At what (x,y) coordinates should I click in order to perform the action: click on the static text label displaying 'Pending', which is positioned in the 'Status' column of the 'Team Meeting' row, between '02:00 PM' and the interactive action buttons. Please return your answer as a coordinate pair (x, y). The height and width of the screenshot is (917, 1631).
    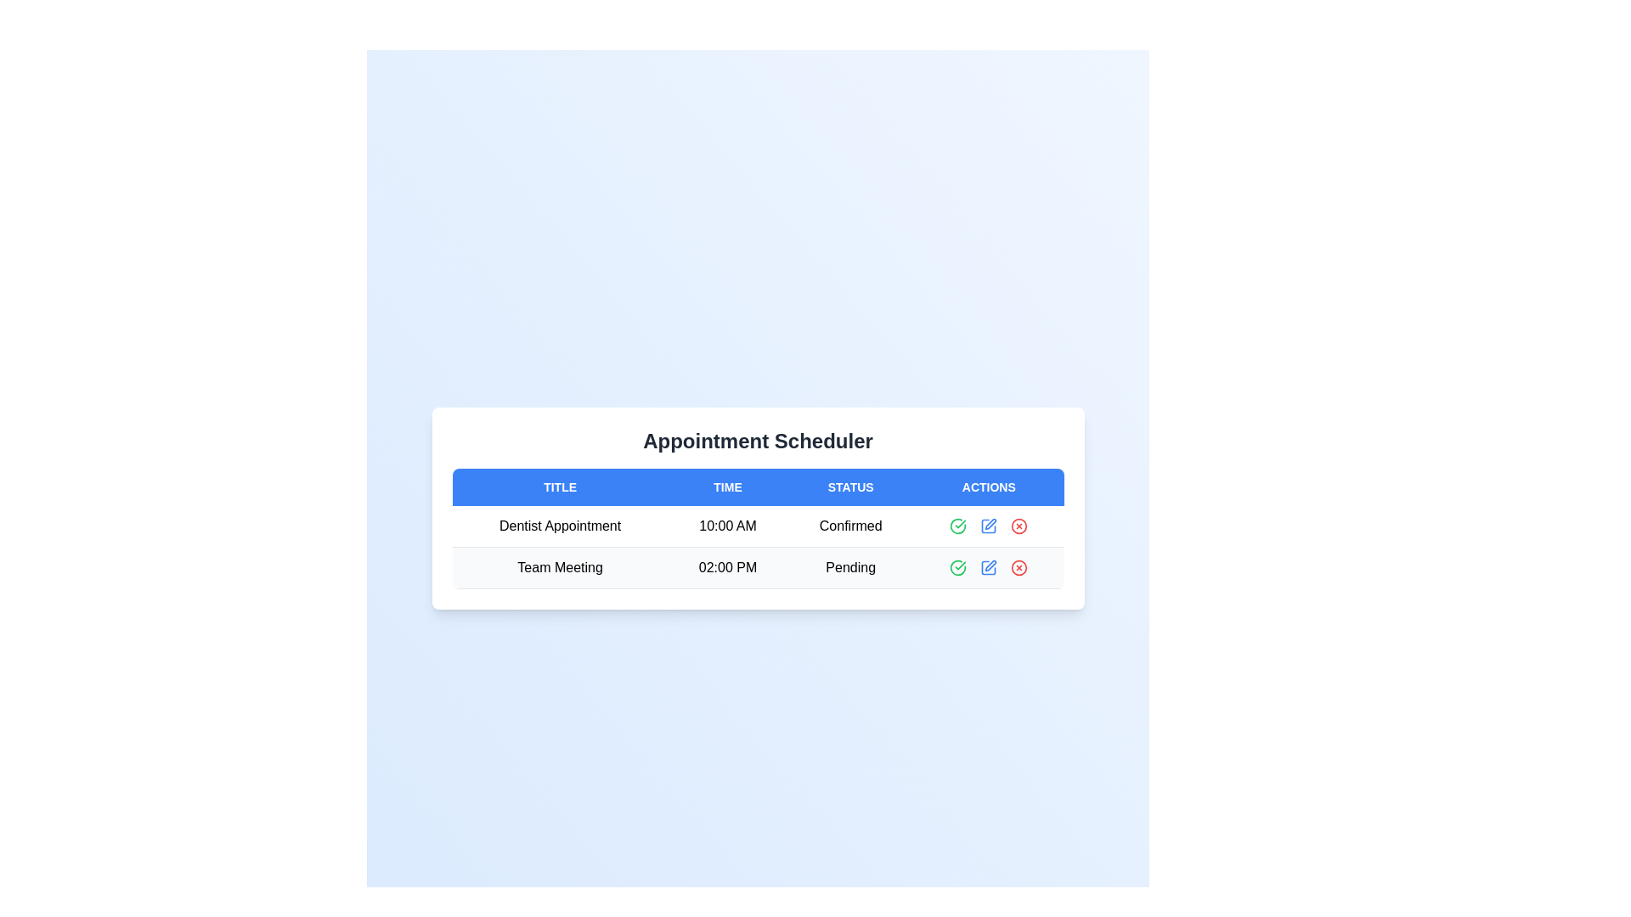
    Looking at the image, I should click on (850, 567).